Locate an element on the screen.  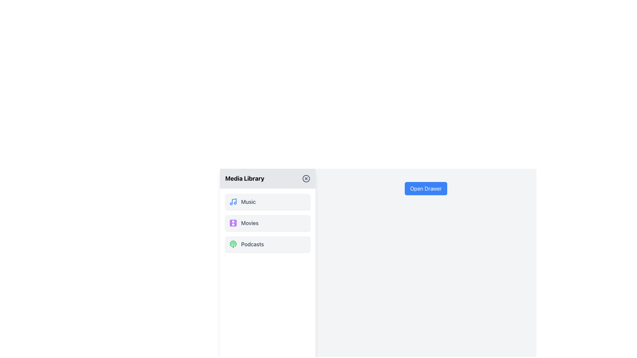
the SVG rectangular component that represents the film icon in the 'Media Library' section to trigger corresponding events is located at coordinates (233, 223).